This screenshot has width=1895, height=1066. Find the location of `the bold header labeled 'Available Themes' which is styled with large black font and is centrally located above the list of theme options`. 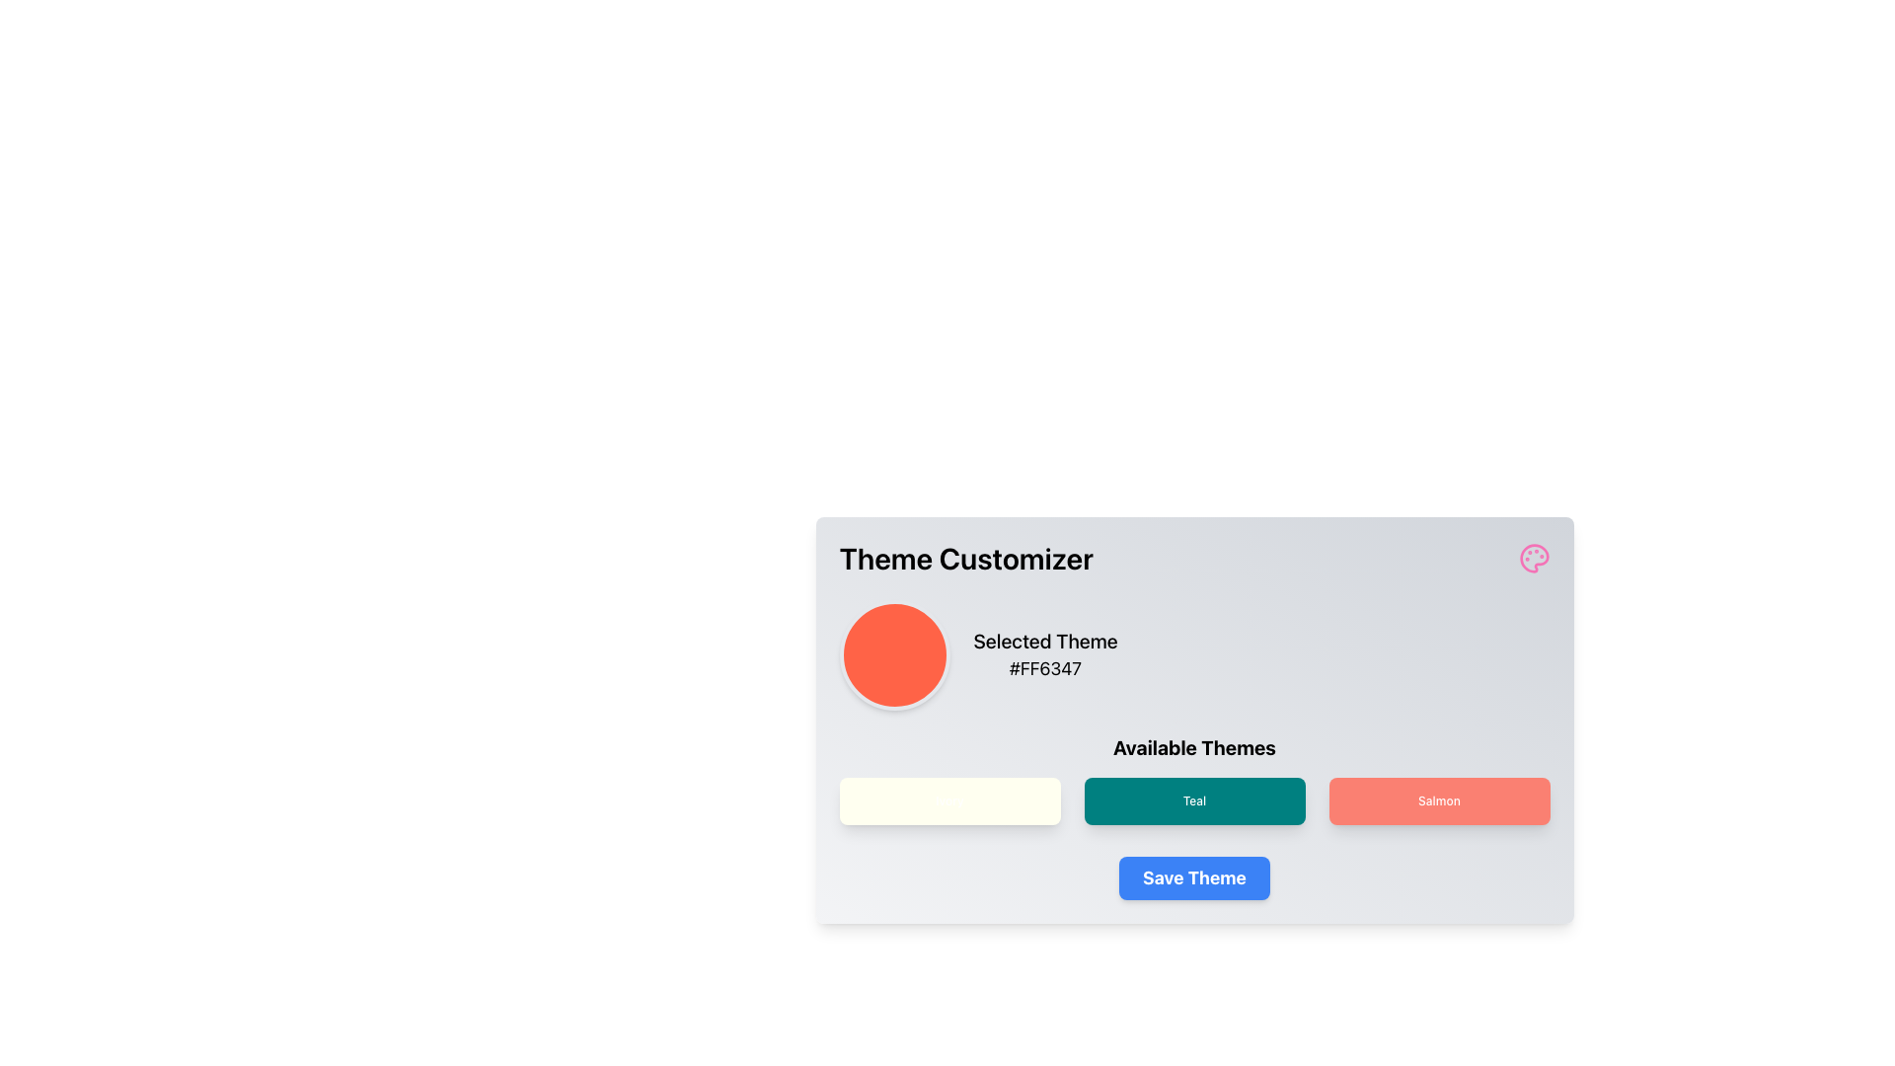

the bold header labeled 'Available Themes' which is styled with large black font and is centrally located above the list of theme options is located at coordinates (1193, 748).